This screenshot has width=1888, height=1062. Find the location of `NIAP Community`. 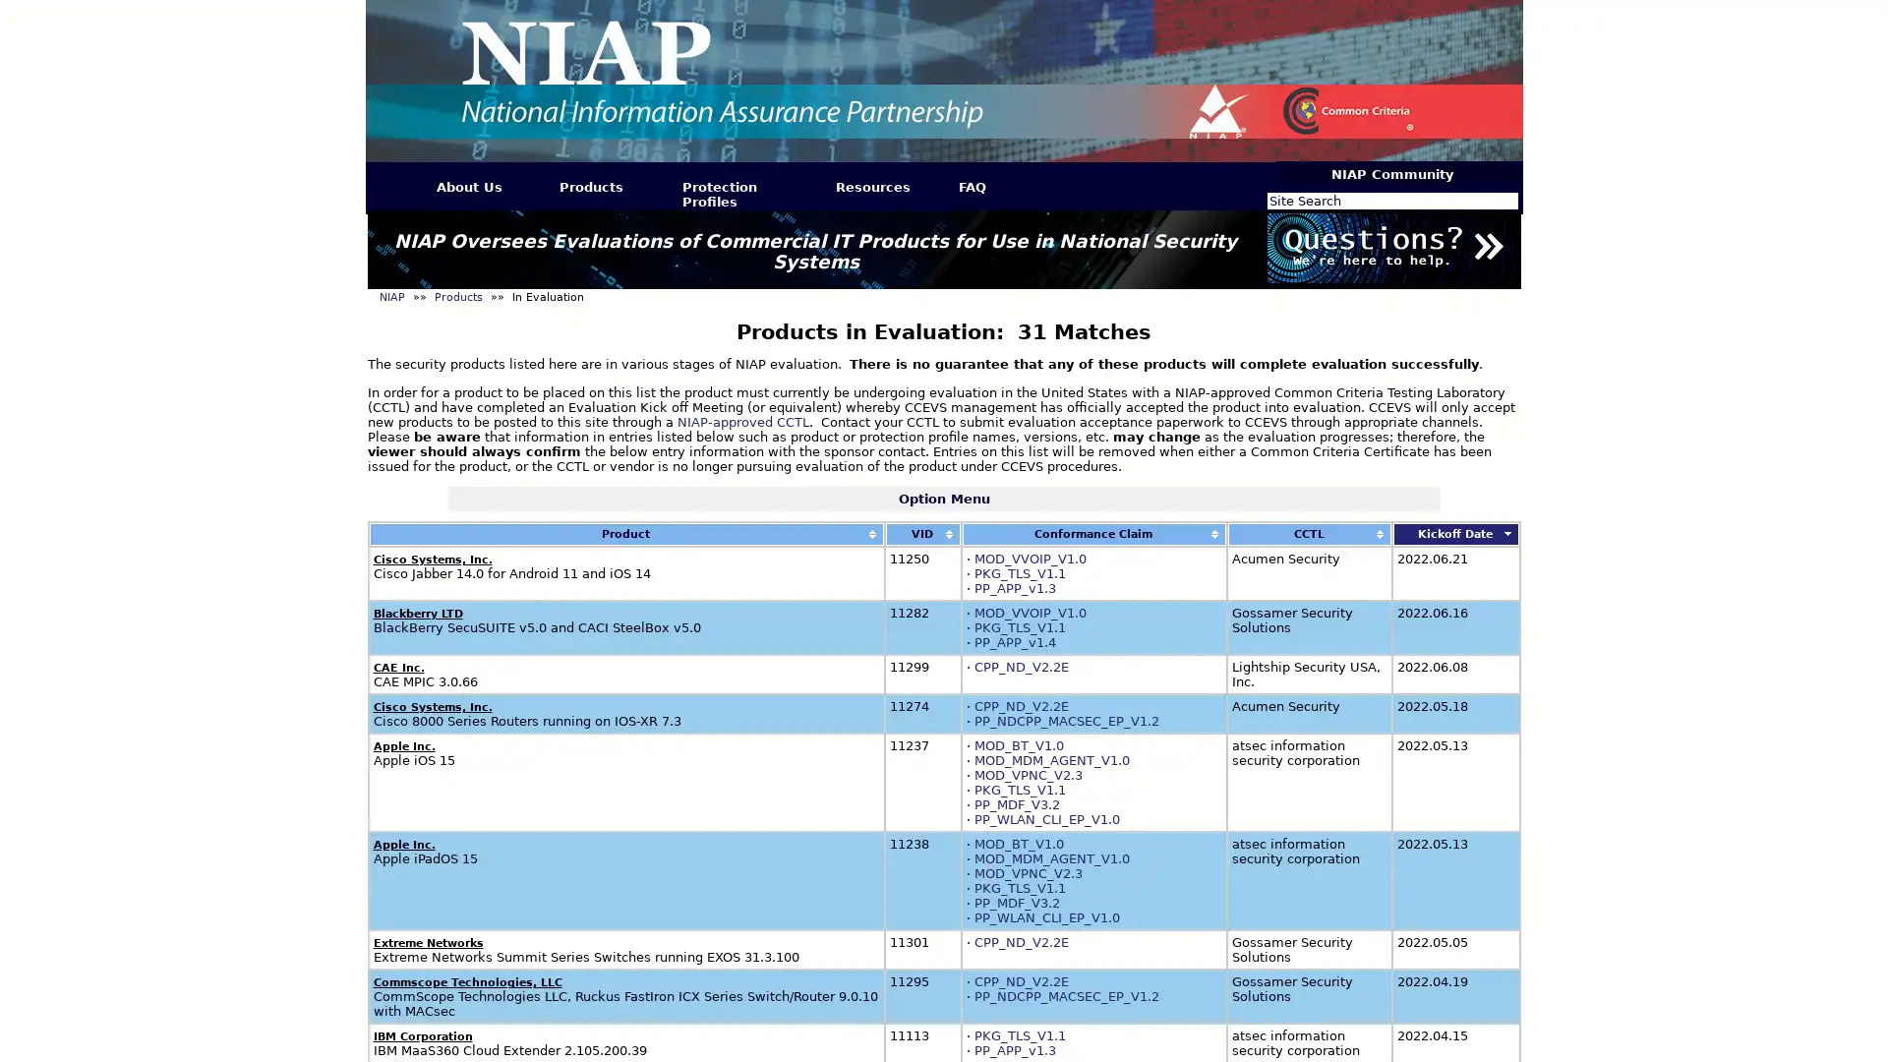

NIAP Community is located at coordinates (1397, 173).